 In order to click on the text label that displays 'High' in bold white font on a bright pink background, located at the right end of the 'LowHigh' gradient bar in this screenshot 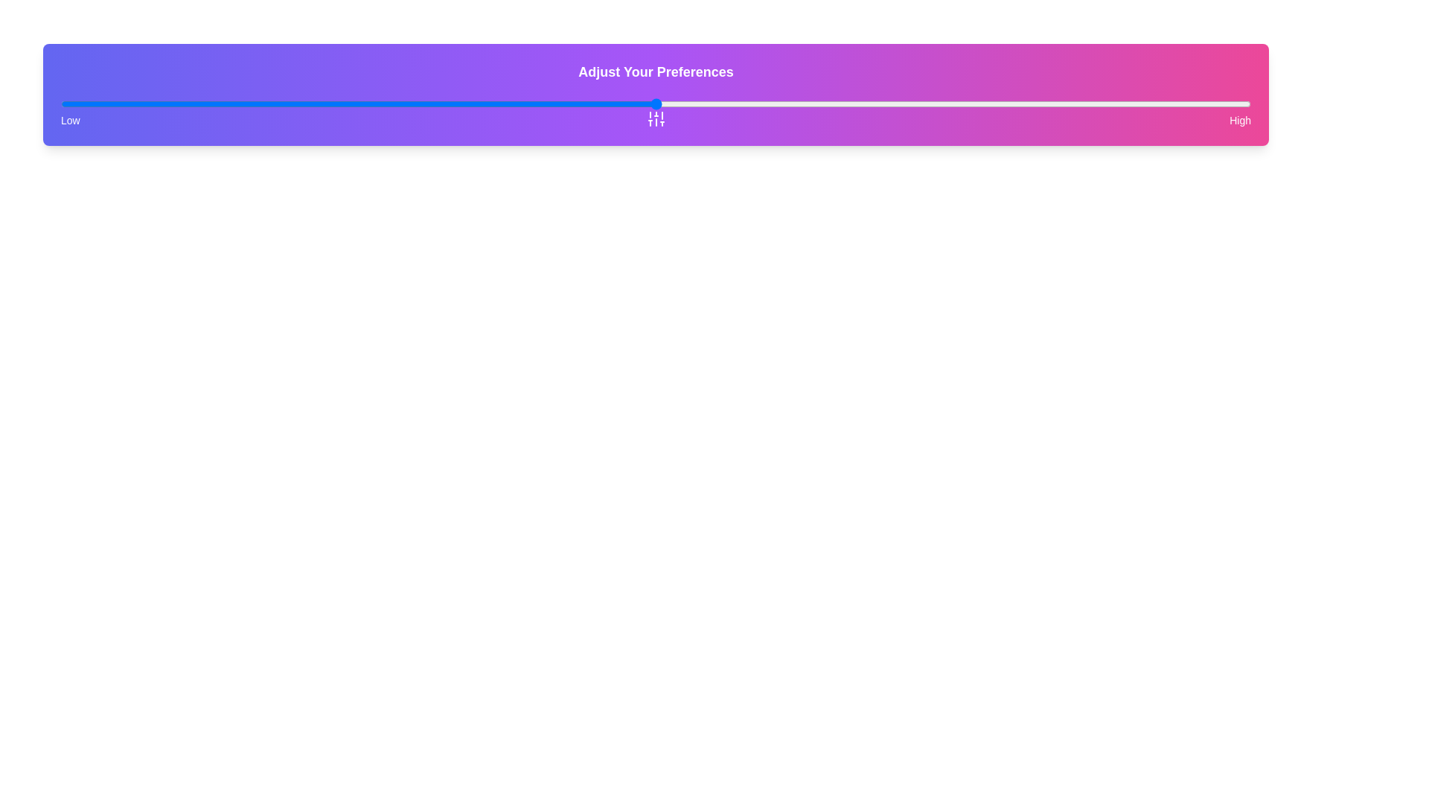, I will do `click(1240, 120)`.